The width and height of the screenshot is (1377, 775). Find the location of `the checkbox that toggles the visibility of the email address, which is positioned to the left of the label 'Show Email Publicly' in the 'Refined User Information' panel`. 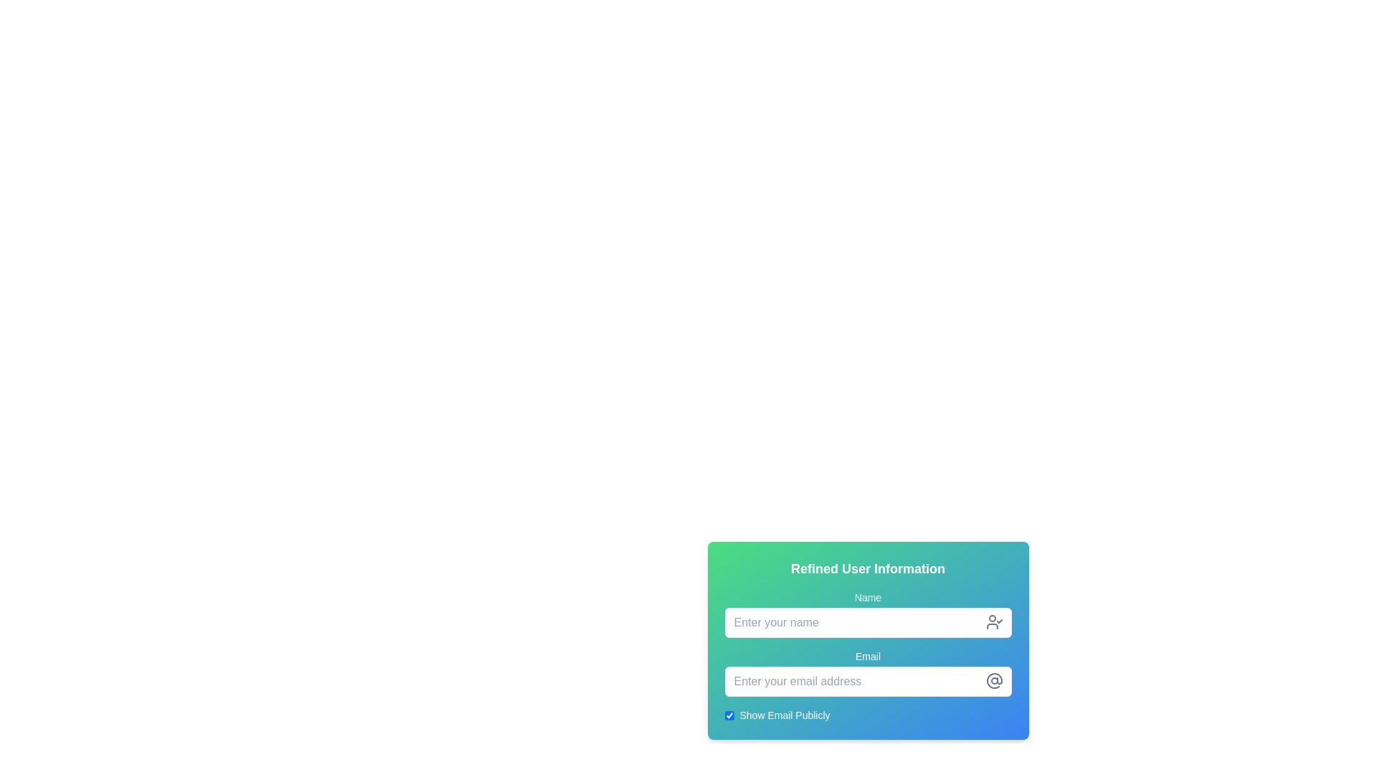

the checkbox that toggles the visibility of the email address, which is positioned to the left of the label 'Show Email Publicly' in the 'Refined User Information' panel is located at coordinates (729, 715).